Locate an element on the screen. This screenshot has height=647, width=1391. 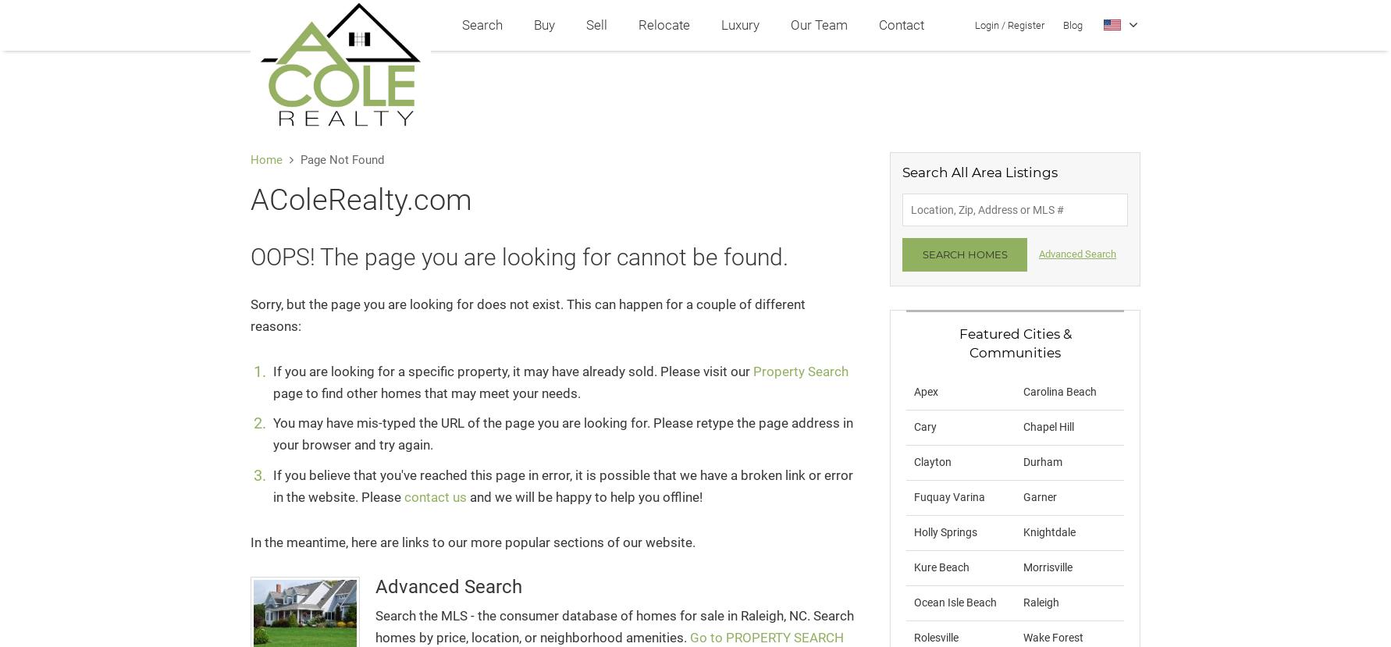
'Buy' is located at coordinates (543, 24).